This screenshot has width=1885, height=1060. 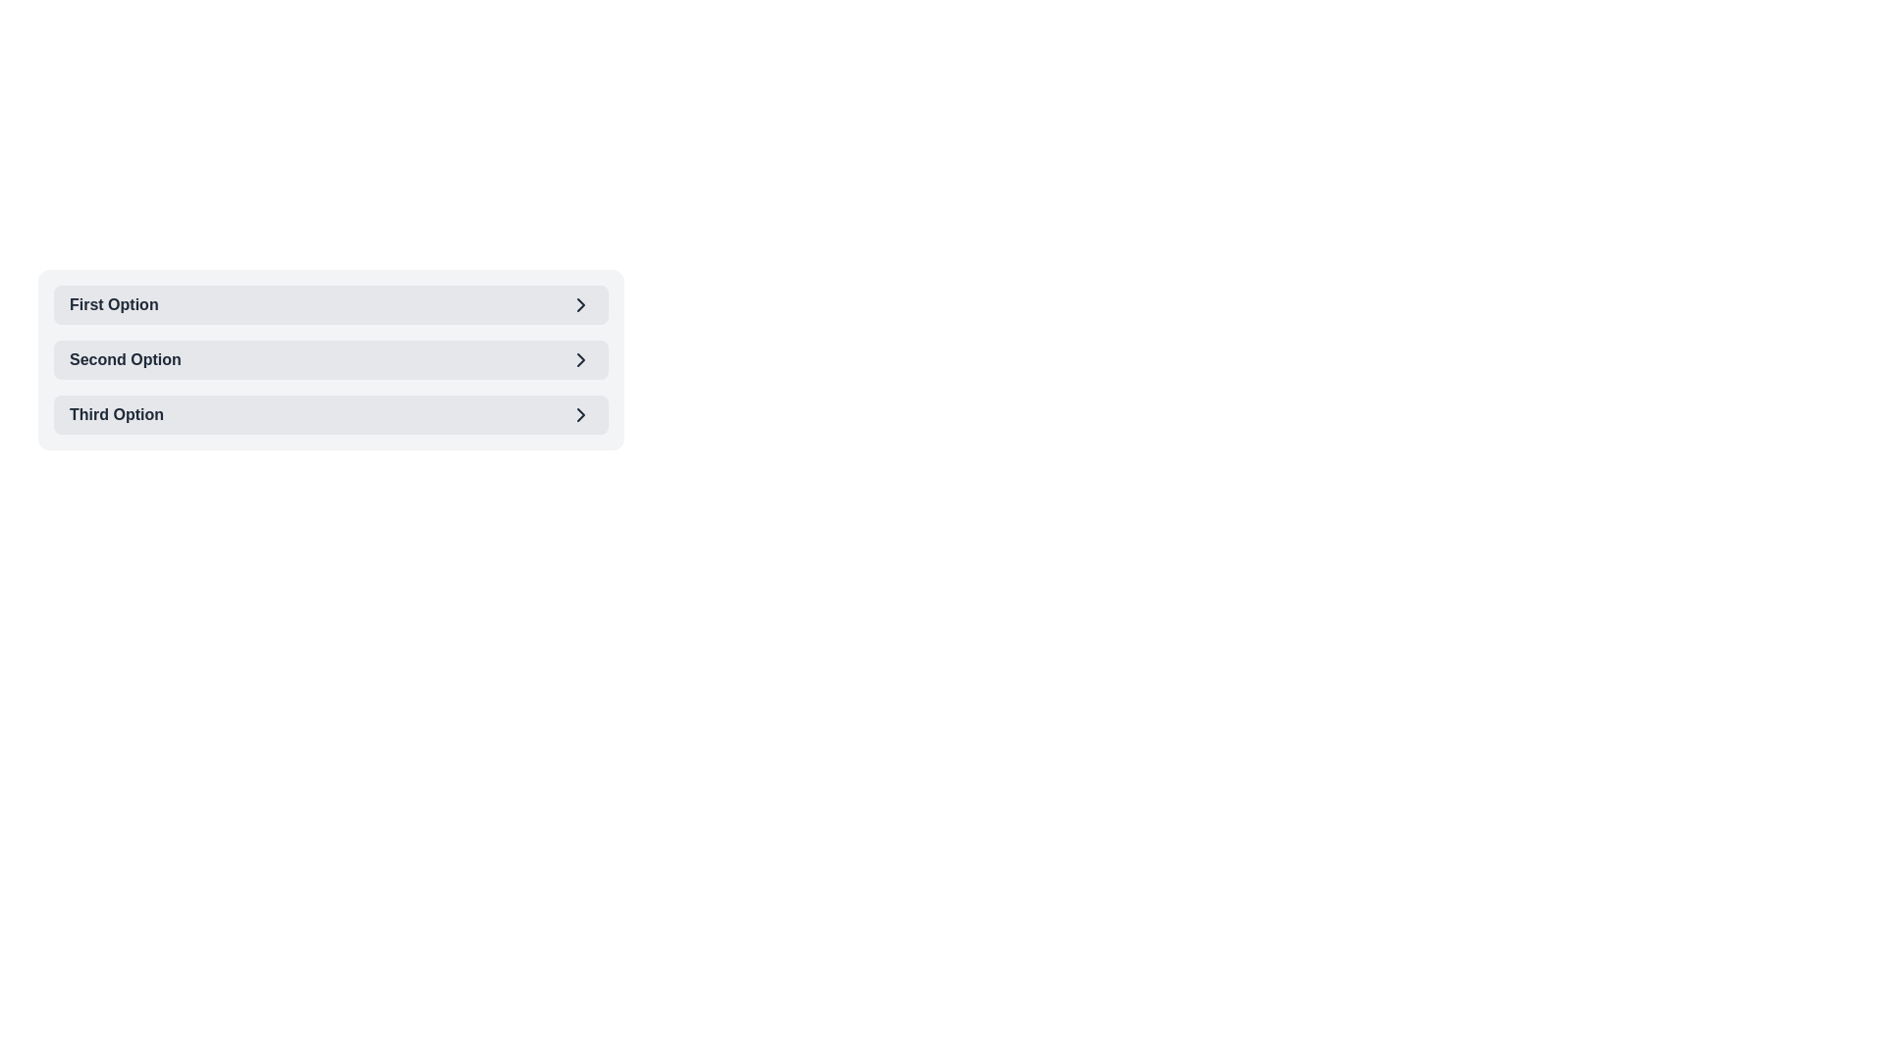 I want to click on the second option row in the list, so click(x=331, y=359).